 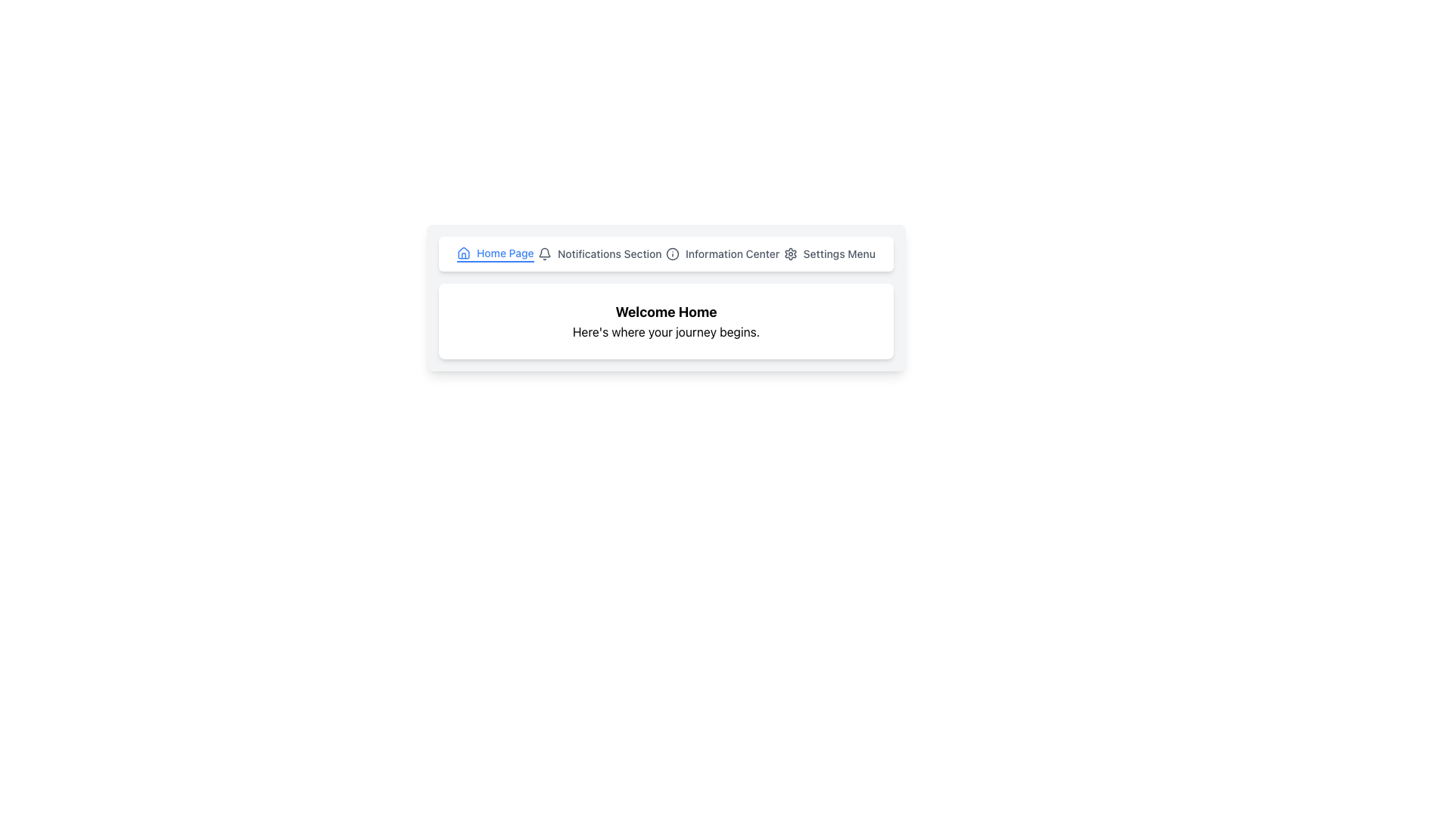 What do you see at coordinates (789, 253) in the screenshot?
I see `the settings icon located at the far-right side of the navigation bar` at bounding box center [789, 253].